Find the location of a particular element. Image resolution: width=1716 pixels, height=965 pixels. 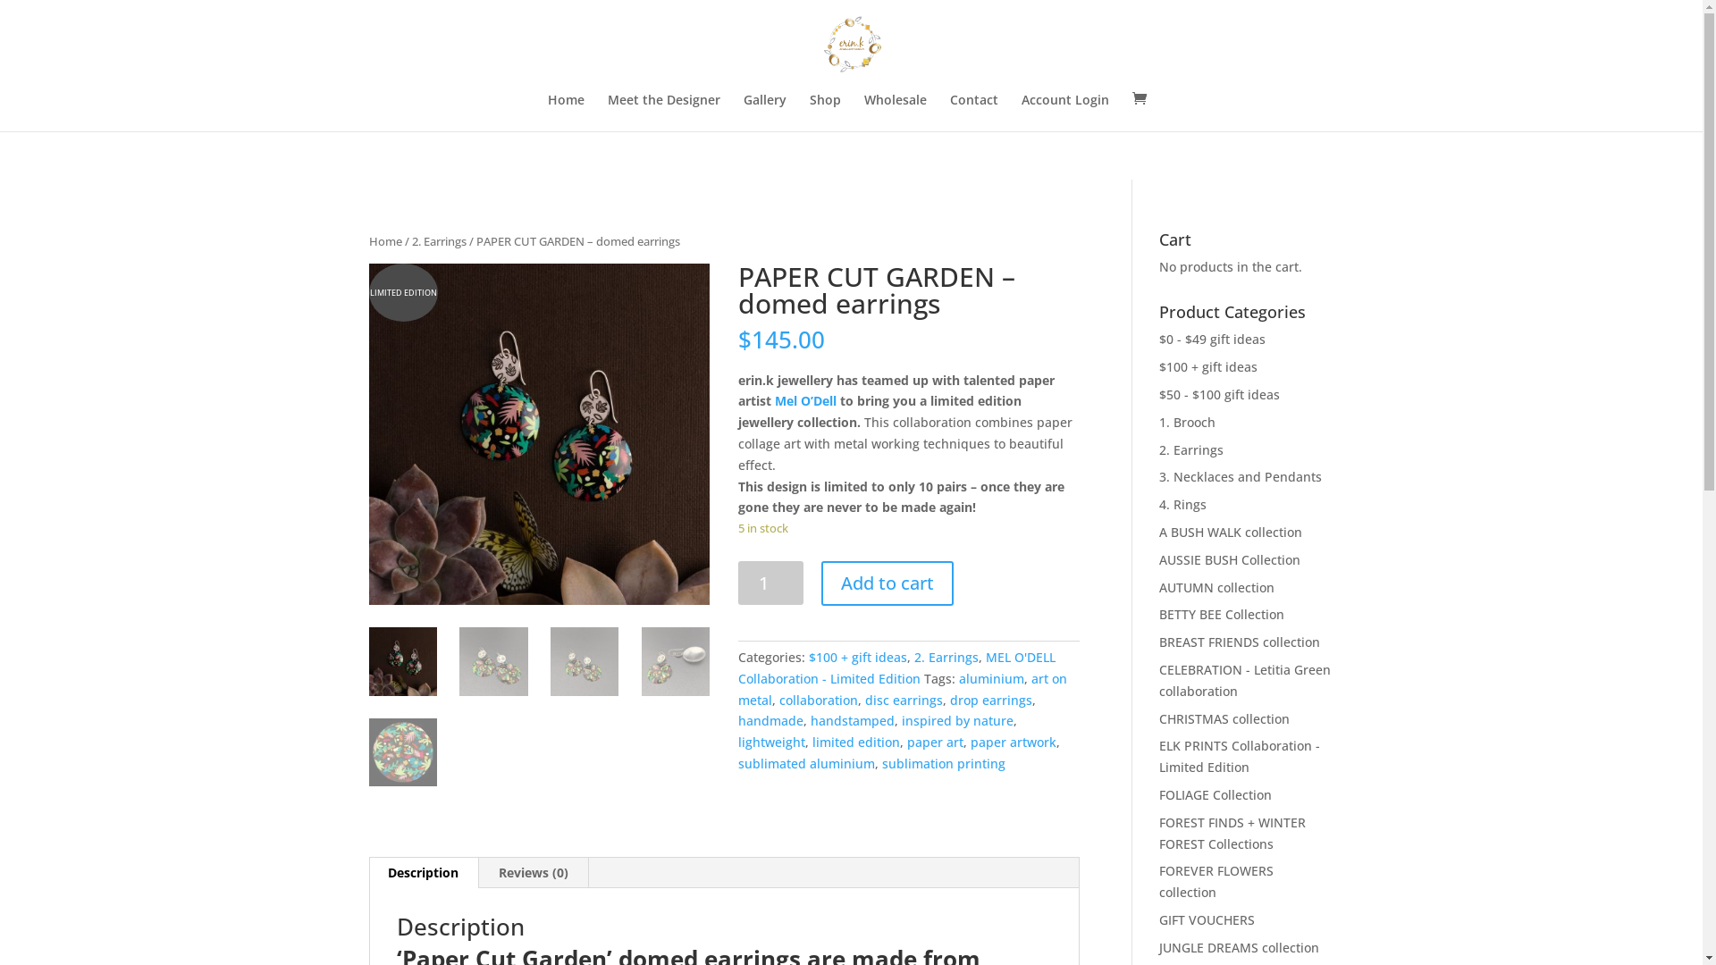

'2. Earrings' is located at coordinates (946, 657).